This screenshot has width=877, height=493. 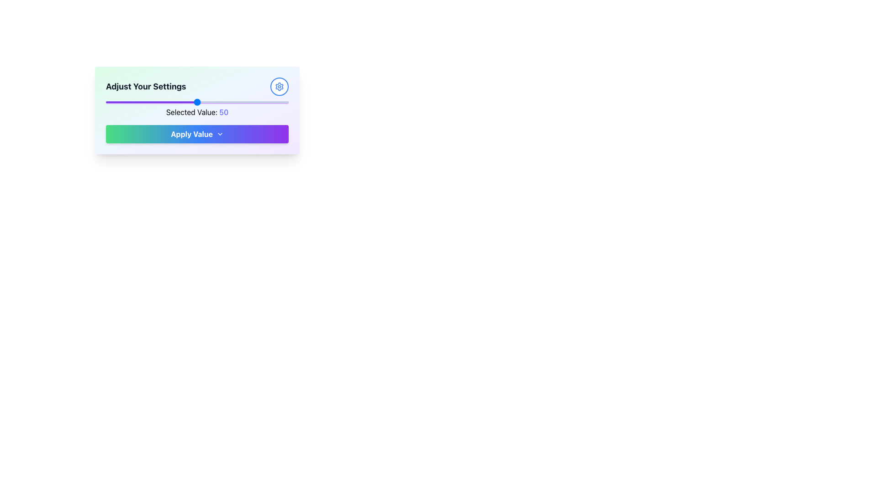 What do you see at coordinates (279, 86) in the screenshot?
I see `the graphical gear icon located in the top-right corner of the settings control interface` at bounding box center [279, 86].